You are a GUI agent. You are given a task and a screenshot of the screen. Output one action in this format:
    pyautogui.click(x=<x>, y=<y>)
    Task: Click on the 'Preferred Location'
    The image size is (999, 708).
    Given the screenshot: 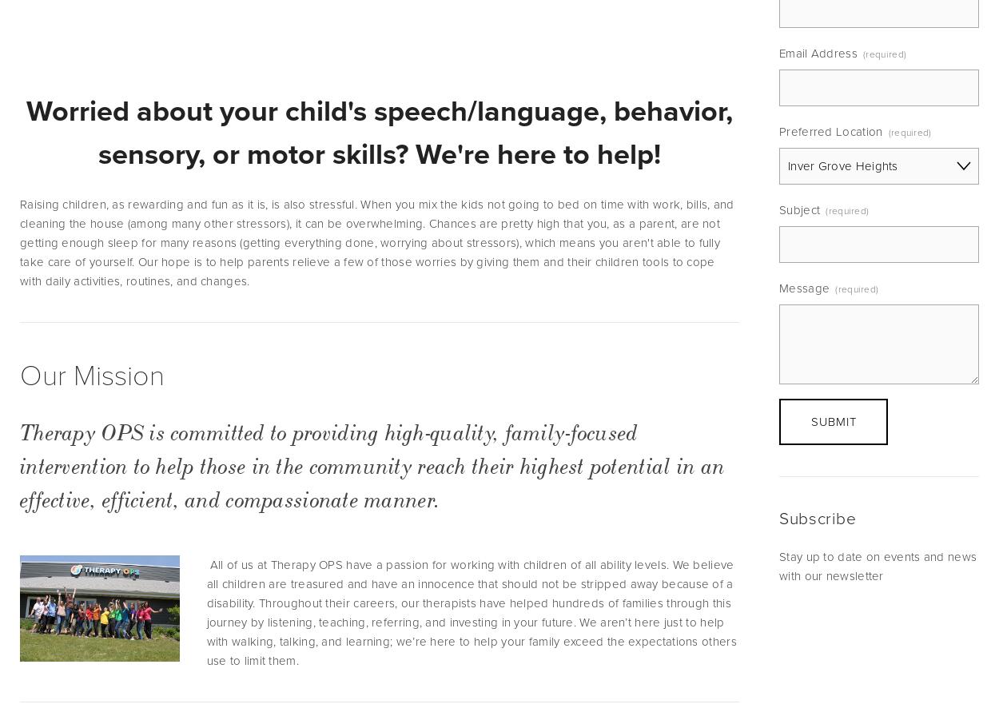 What is the action you would take?
    pyautogui.click(x=830, y=129)
    